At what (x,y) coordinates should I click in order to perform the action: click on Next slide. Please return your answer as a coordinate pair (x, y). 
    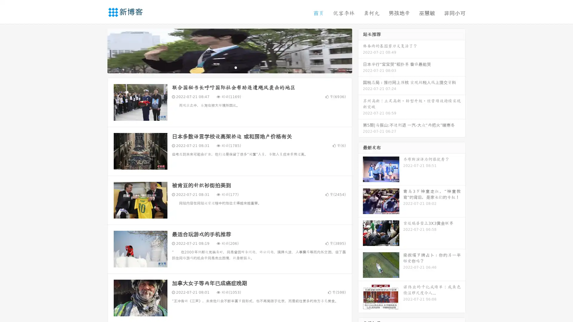
    Looking at the image, I should click on (361, 50).